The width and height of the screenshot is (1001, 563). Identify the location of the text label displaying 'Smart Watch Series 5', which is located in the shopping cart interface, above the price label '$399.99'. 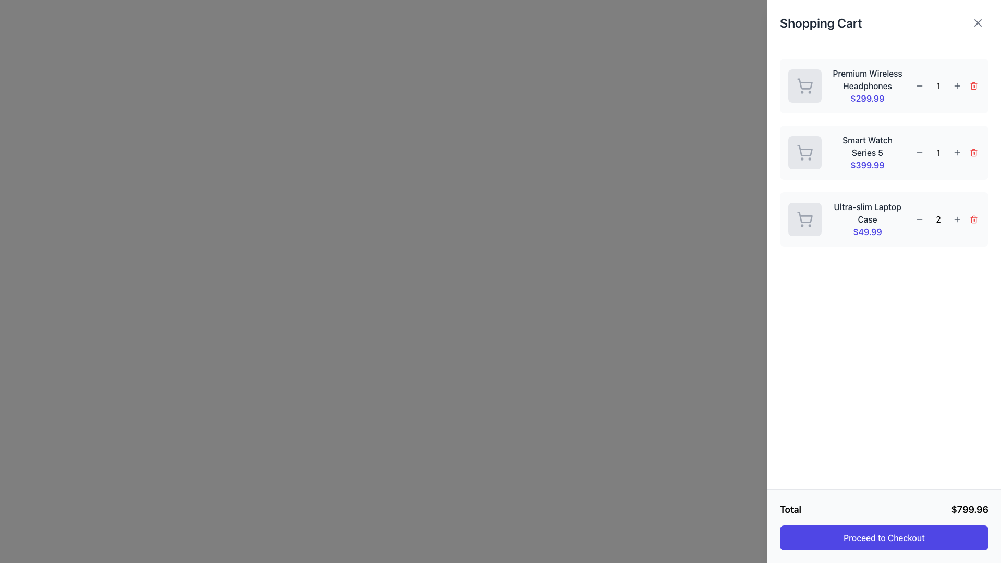
(868, 146).